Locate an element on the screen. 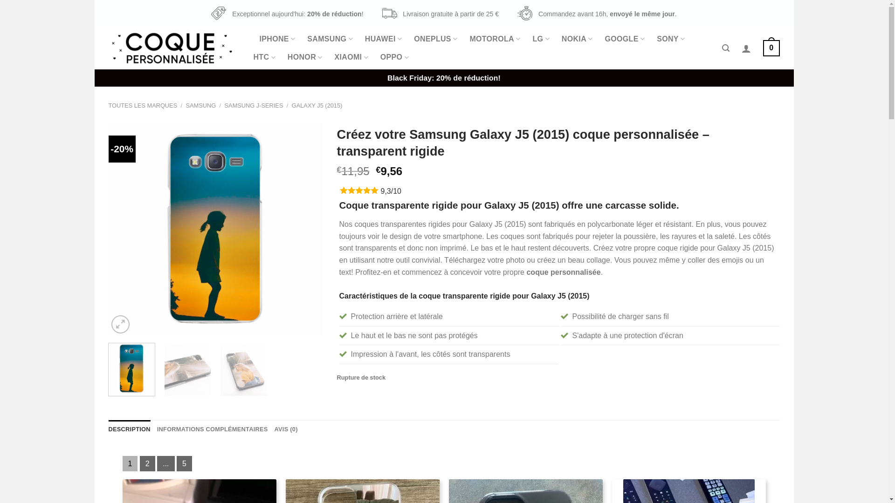 This screenshot has width=895, height=503. 'AVIS (0)' is located at coordinates (274, 429).